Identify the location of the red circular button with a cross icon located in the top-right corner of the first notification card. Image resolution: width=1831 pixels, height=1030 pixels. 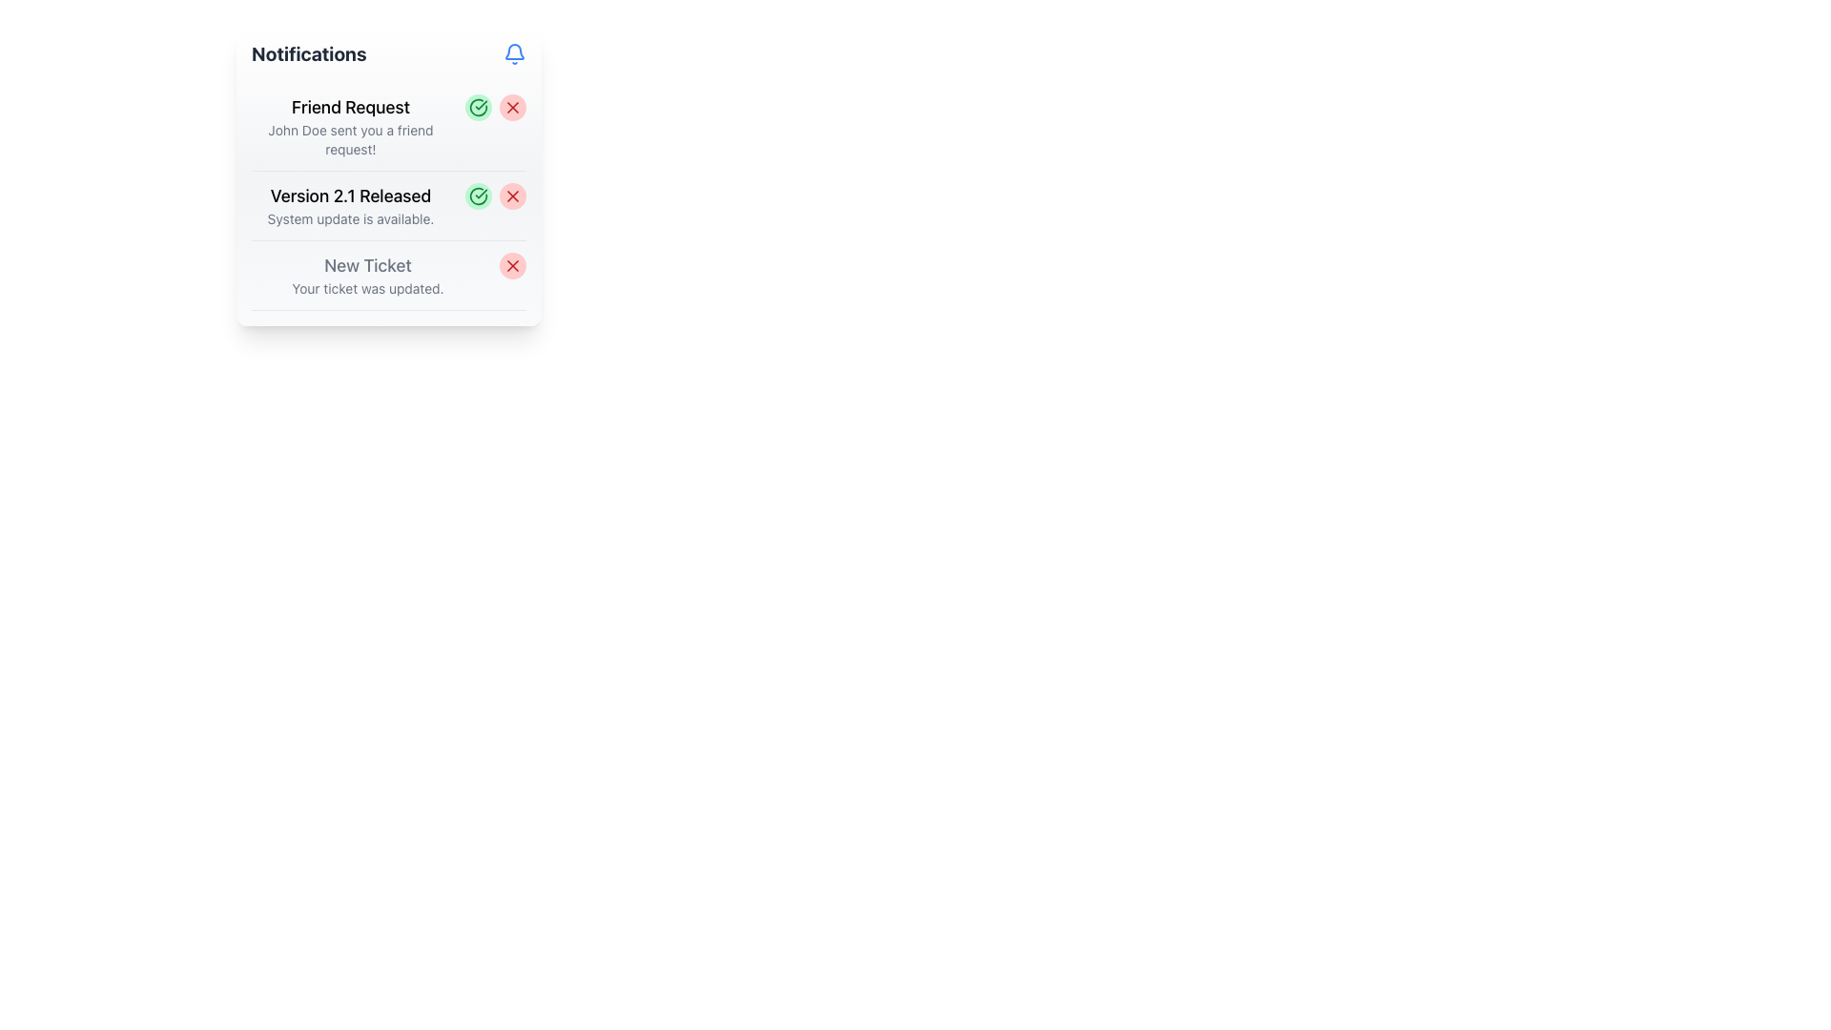
(512, 107).